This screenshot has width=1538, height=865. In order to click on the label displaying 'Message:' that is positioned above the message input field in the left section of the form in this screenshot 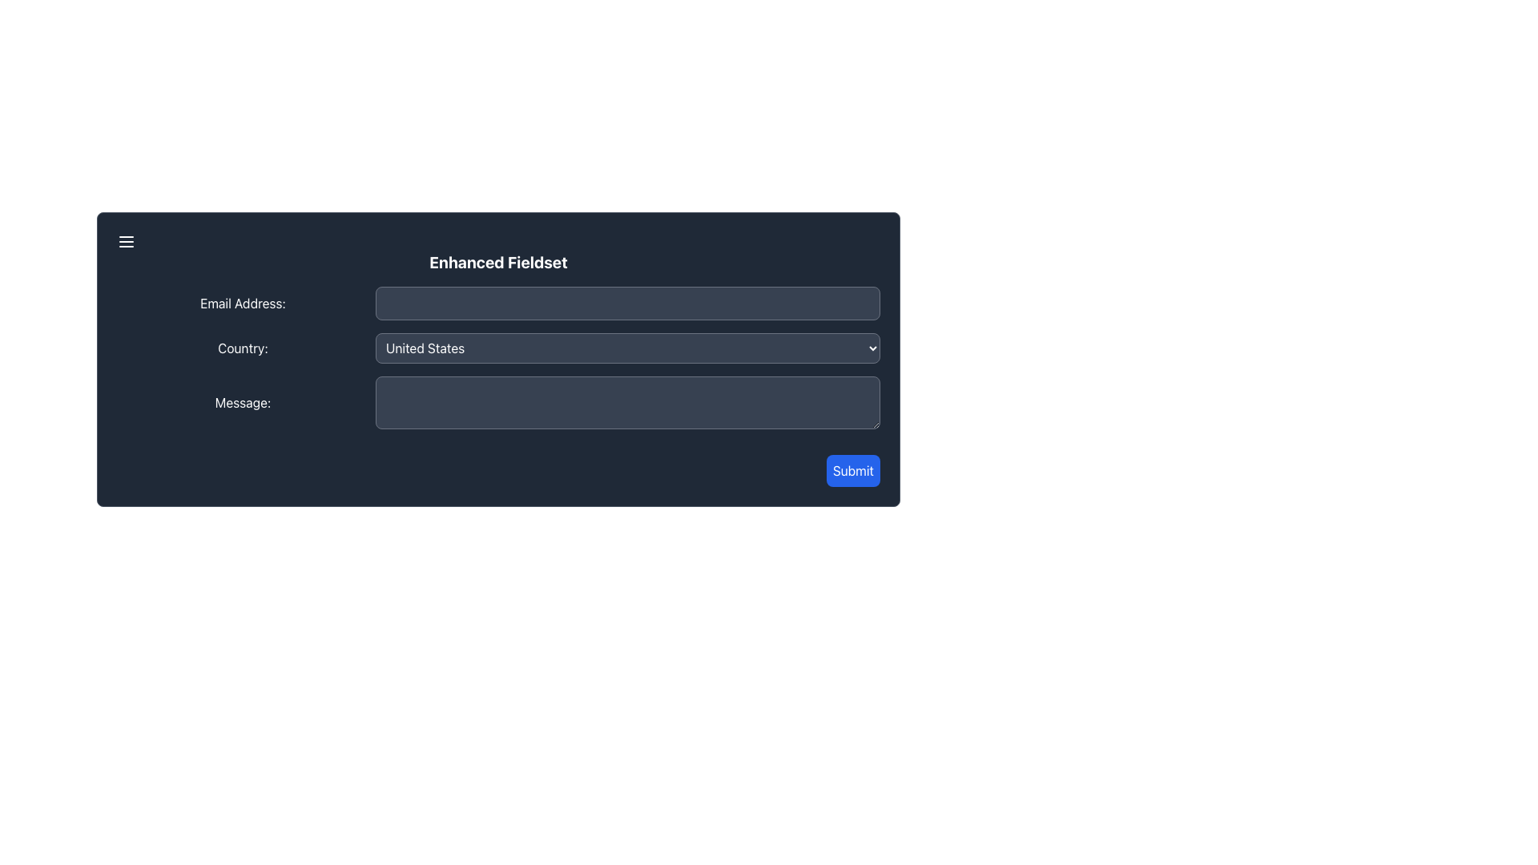, I will do `click(242, 401)`.